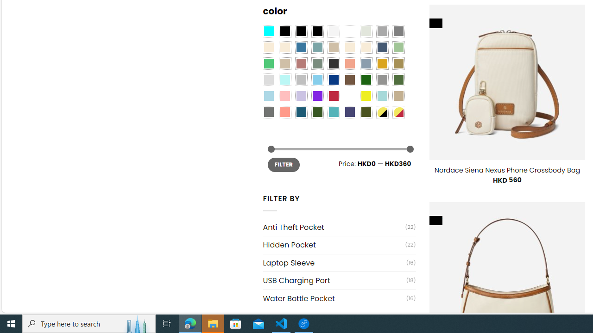  Describe the element at coordinates (317, 112) in the screenshot. I see `'Forest'` at that location.